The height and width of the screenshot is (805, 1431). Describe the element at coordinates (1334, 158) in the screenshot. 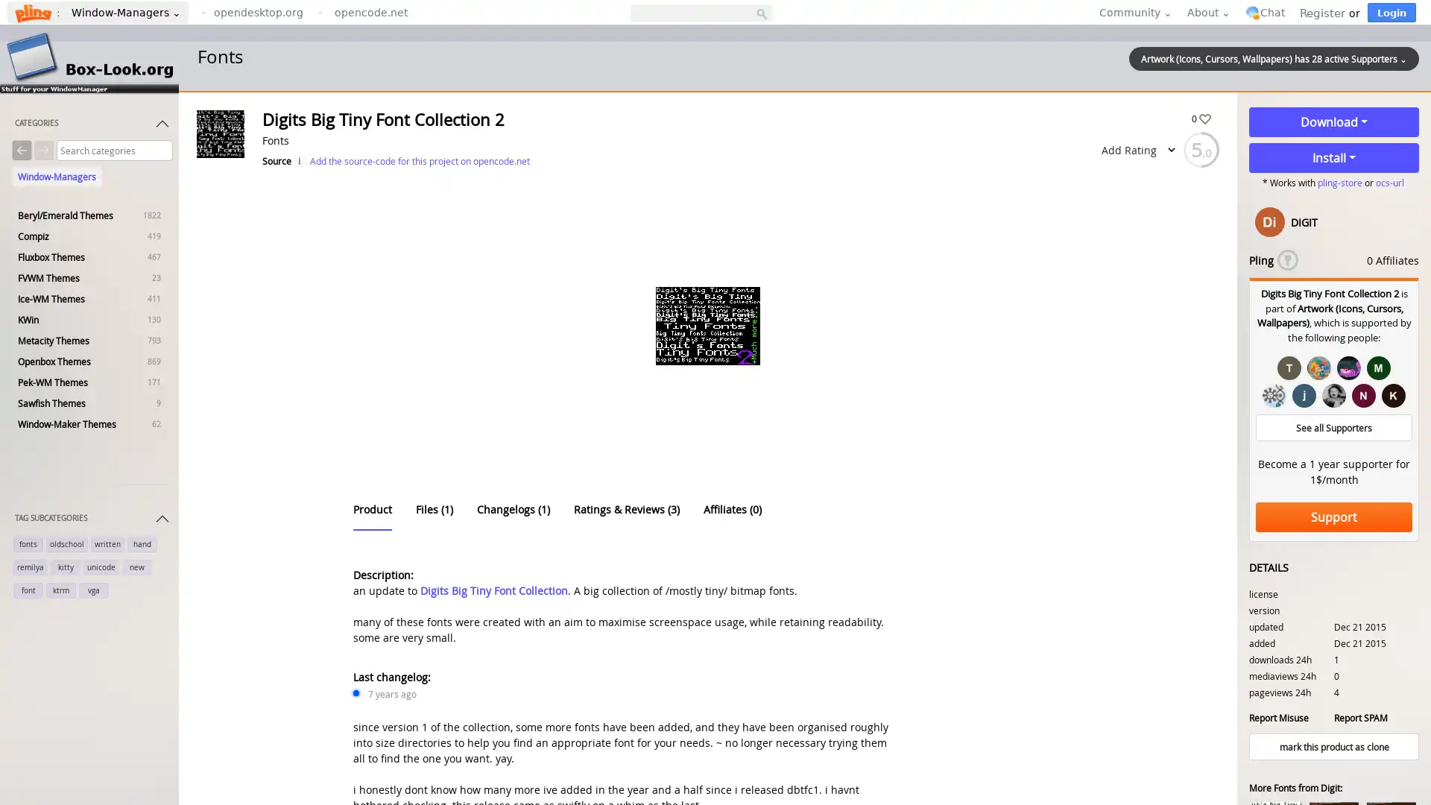

I see `Install` at that location.